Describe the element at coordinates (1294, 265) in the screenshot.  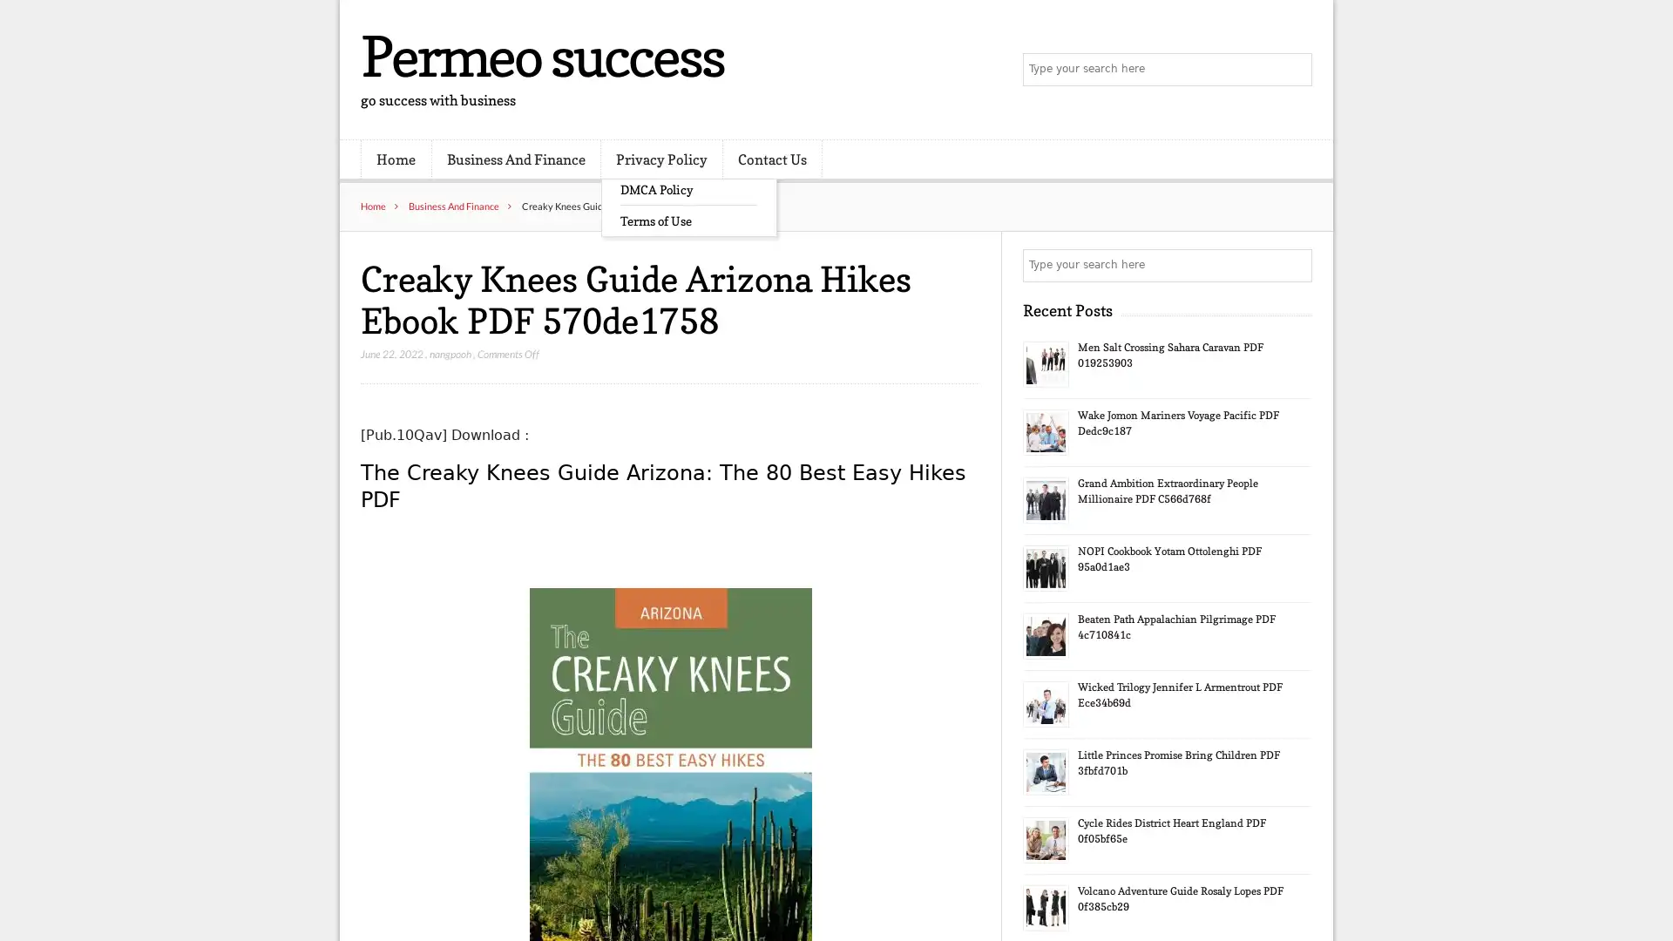
I see `Search` at that location.